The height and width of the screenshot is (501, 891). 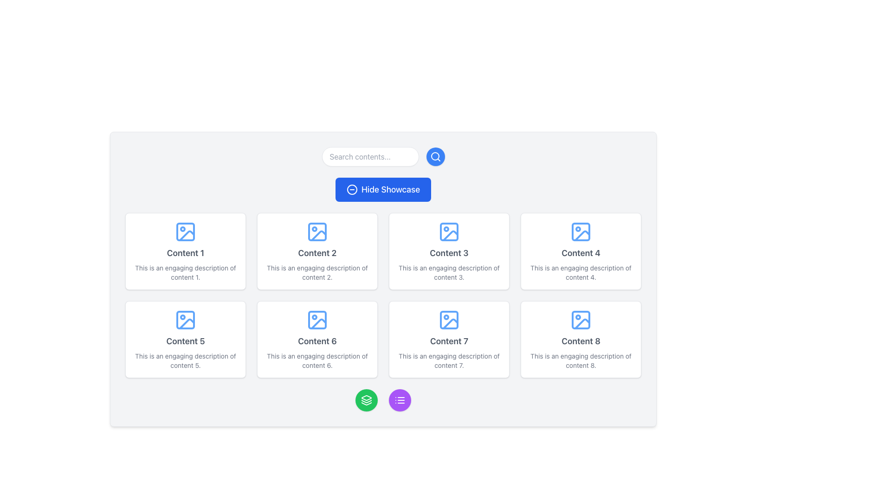 What do you see at coordinates (185, 231) in the screenshot?
I see `the icon located in the top-left content box, positioned above the bold text 'Content 1'` at bounding box center [185, 231].